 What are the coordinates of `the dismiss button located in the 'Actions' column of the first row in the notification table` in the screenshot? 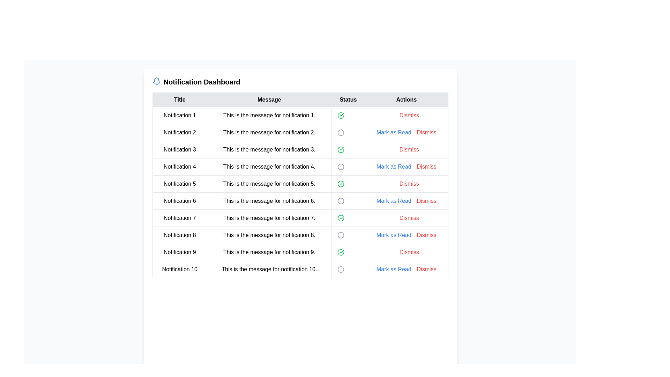 It's located at (406, 115).